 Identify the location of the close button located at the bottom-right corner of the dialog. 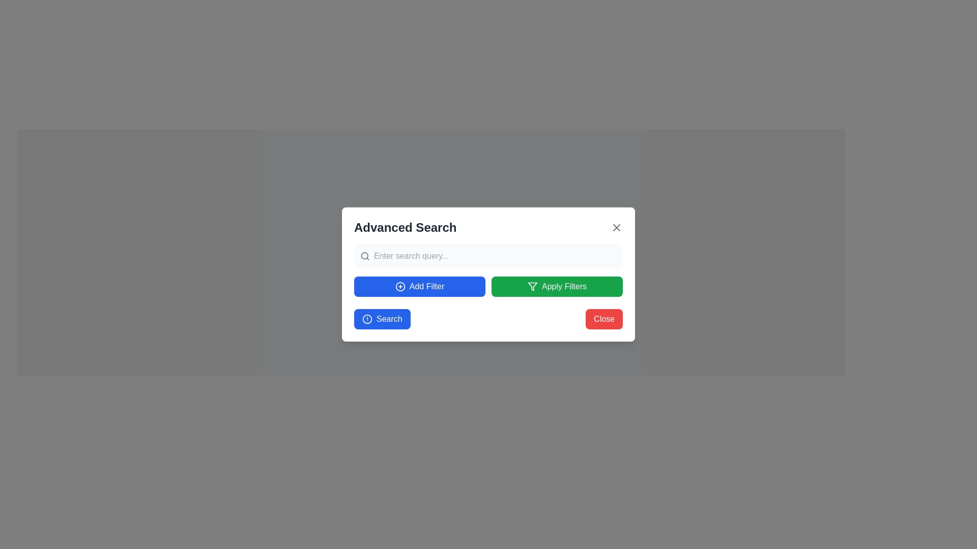
(604, 319).